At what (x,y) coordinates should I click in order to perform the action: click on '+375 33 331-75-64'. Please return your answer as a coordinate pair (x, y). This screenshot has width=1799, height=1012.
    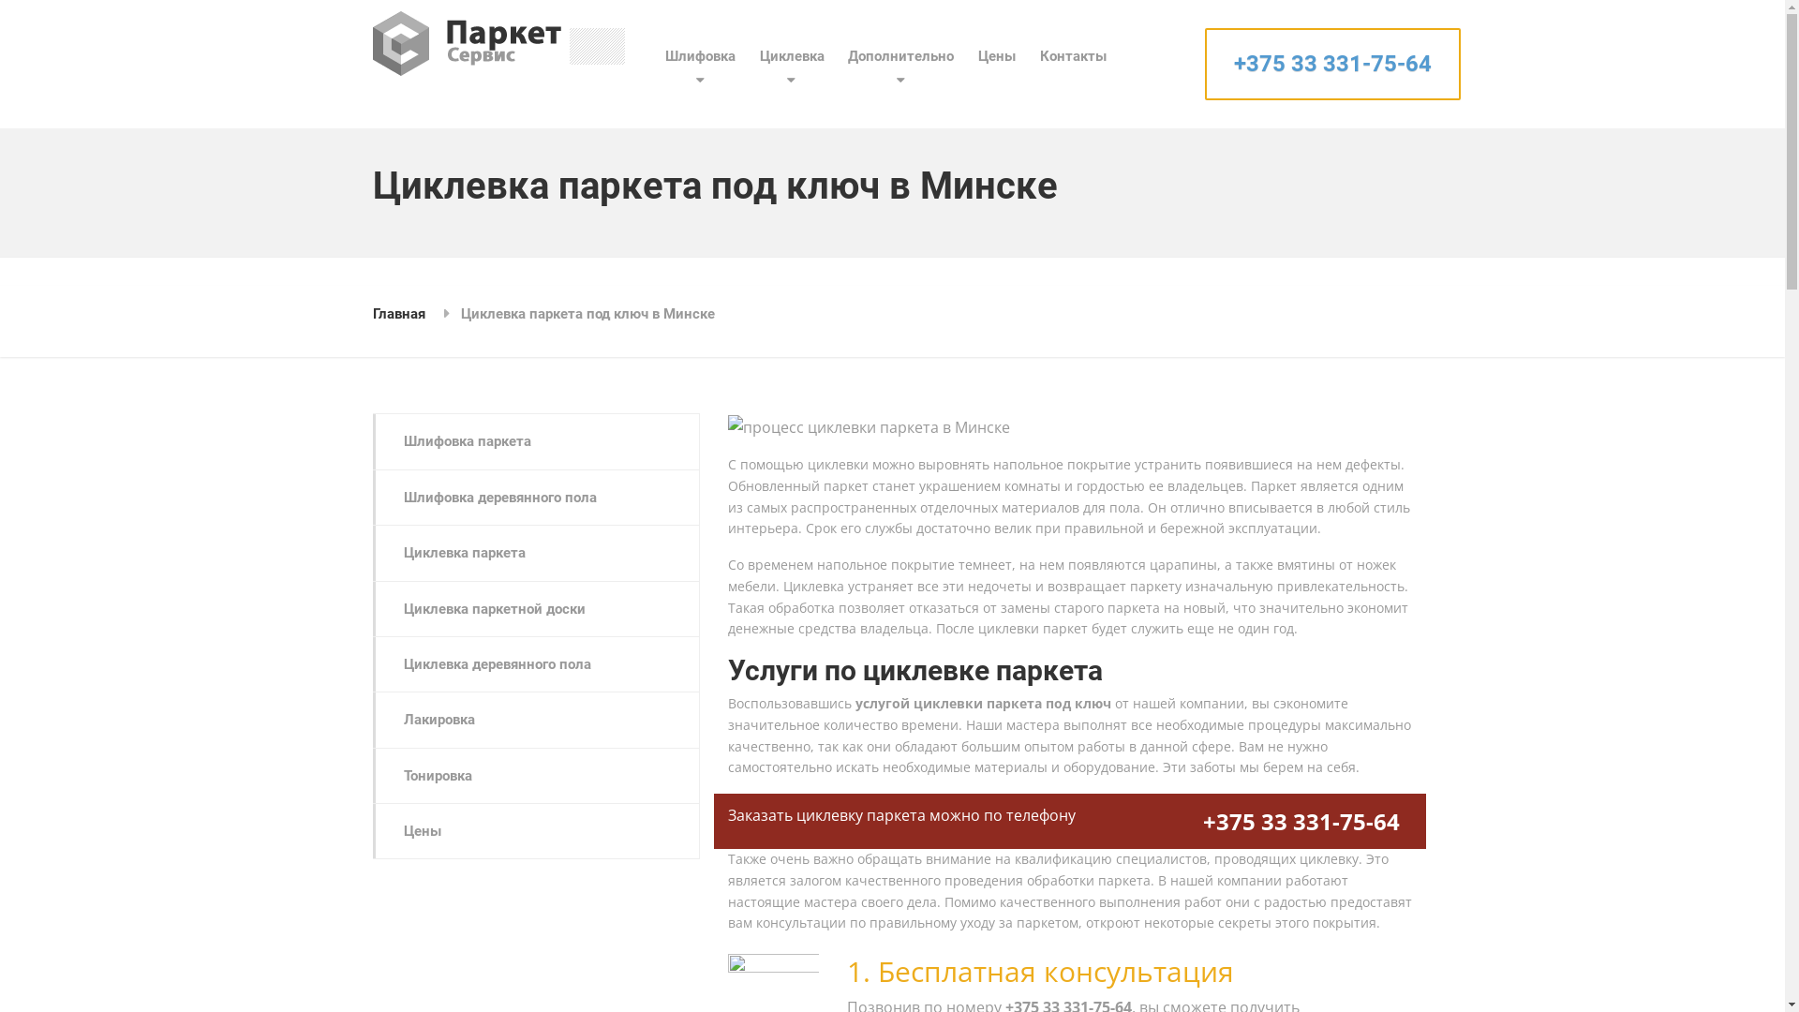
    Looking at the image, I should click on (1202, 820).